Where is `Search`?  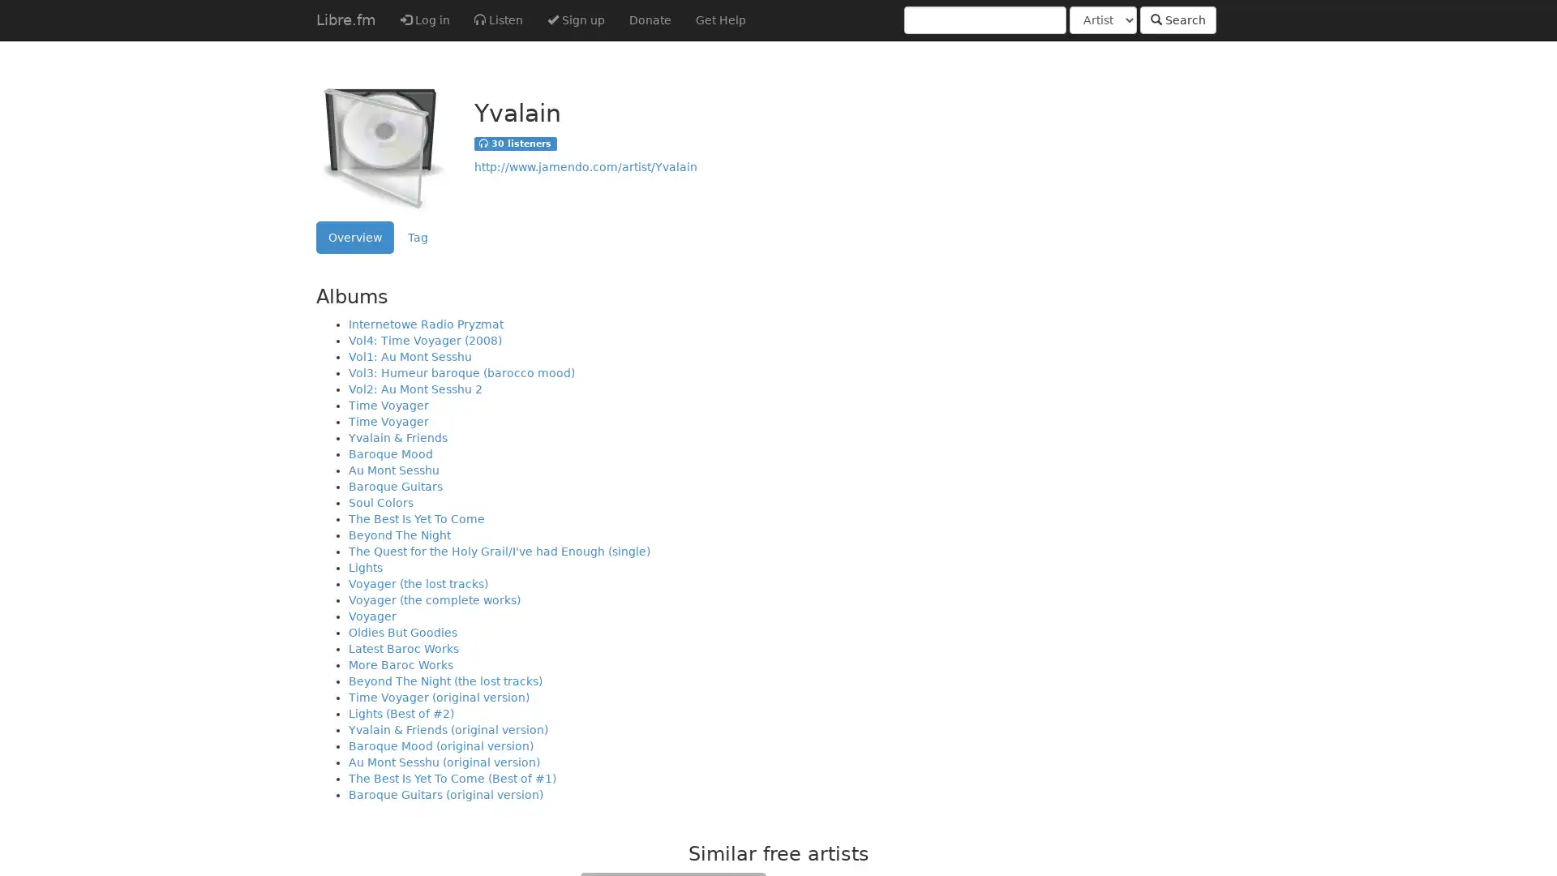
Search is located at coordinates (1178, 19).